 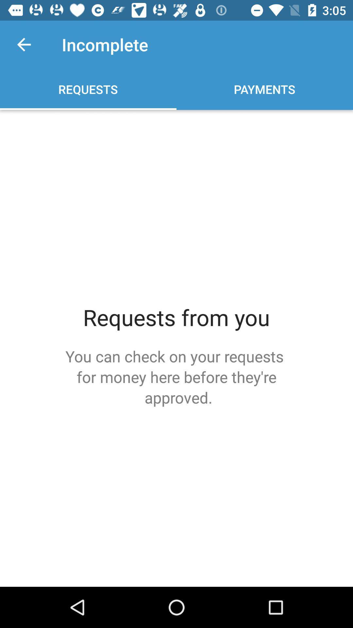 What do you see at coordinates (24, 44) in the screenshot?
I see `the item to the left of incomplete item` at bounding box center [24, 44].